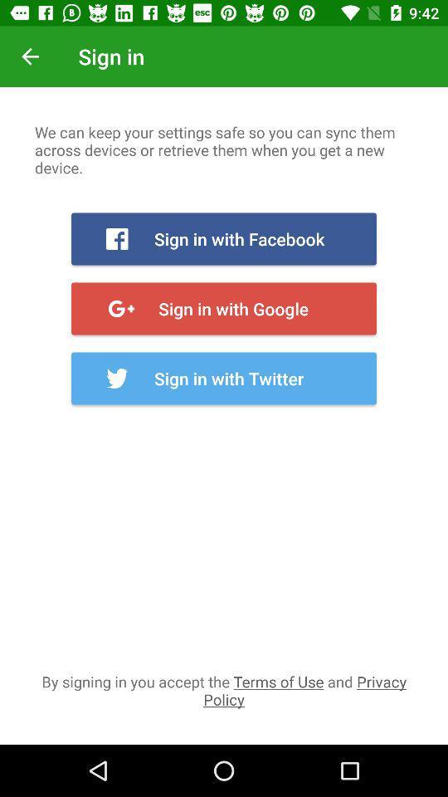 The image size is (448, 797). What do you see at coordinates (30, 56) in the screenshot?
I see `the item above we can keep` at bounding box center [30, 56].